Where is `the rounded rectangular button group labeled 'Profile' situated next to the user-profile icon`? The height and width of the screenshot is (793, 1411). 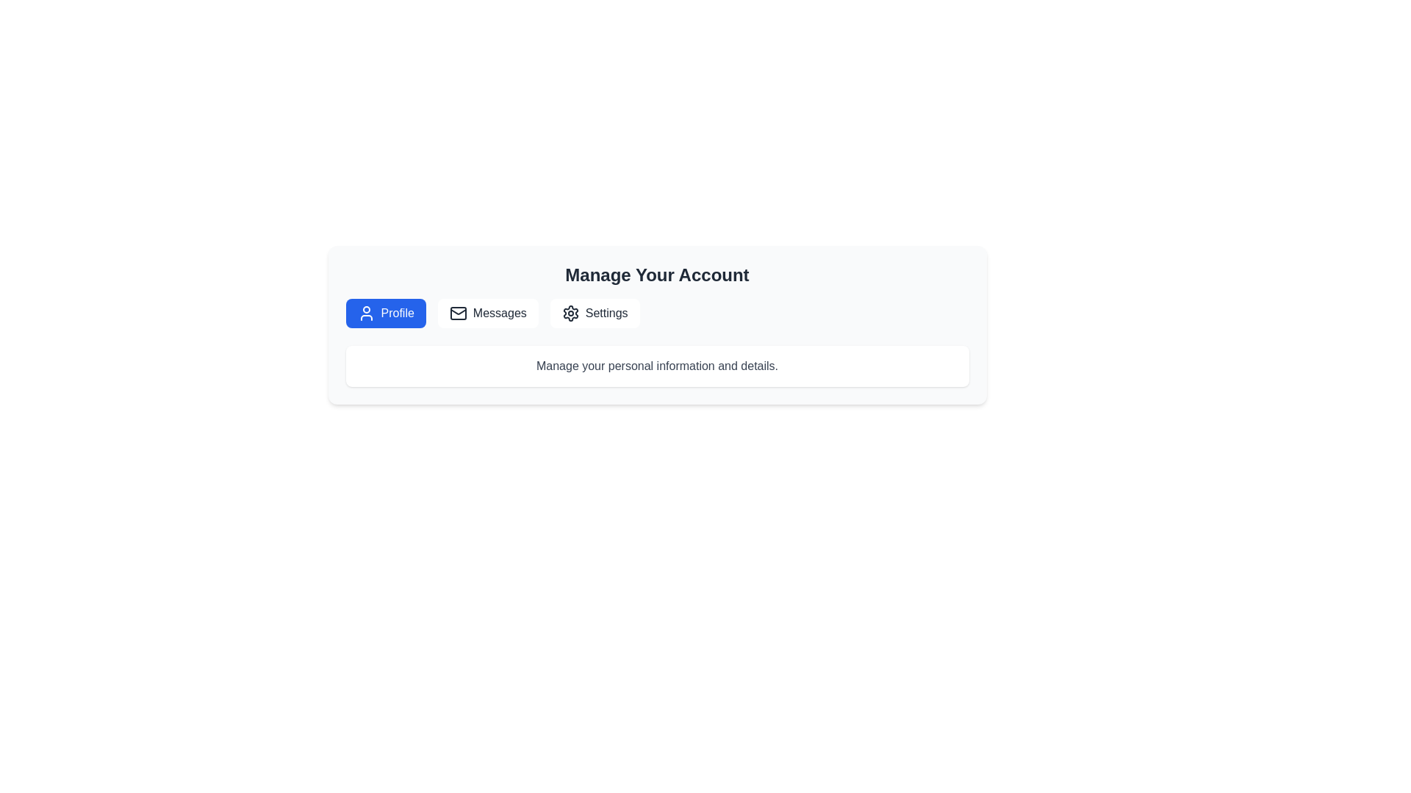
the rounded rectangular button group labeled 'Profile' situated next to the user-profile icon is located at coordinates (398, 313).